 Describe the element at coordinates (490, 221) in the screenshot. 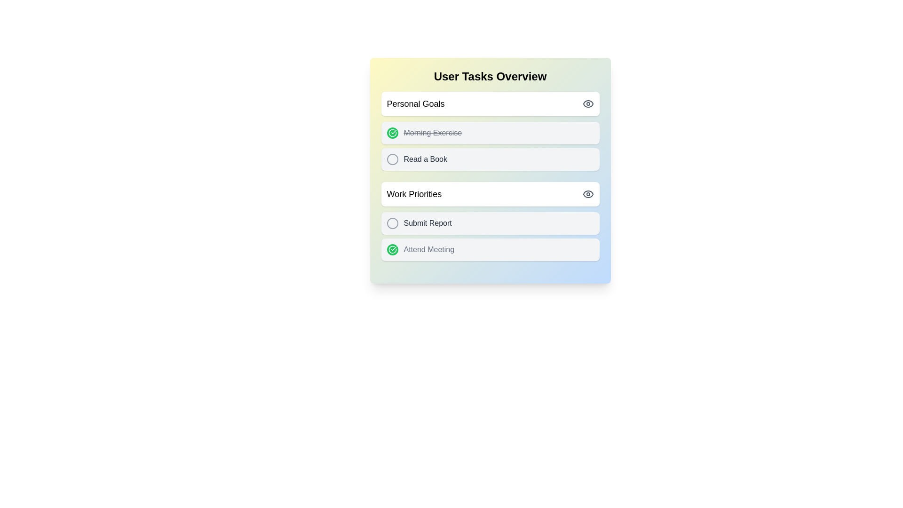

I see `the 'Submit Report' task row in the 'Work Priorities' subsection` at that location.